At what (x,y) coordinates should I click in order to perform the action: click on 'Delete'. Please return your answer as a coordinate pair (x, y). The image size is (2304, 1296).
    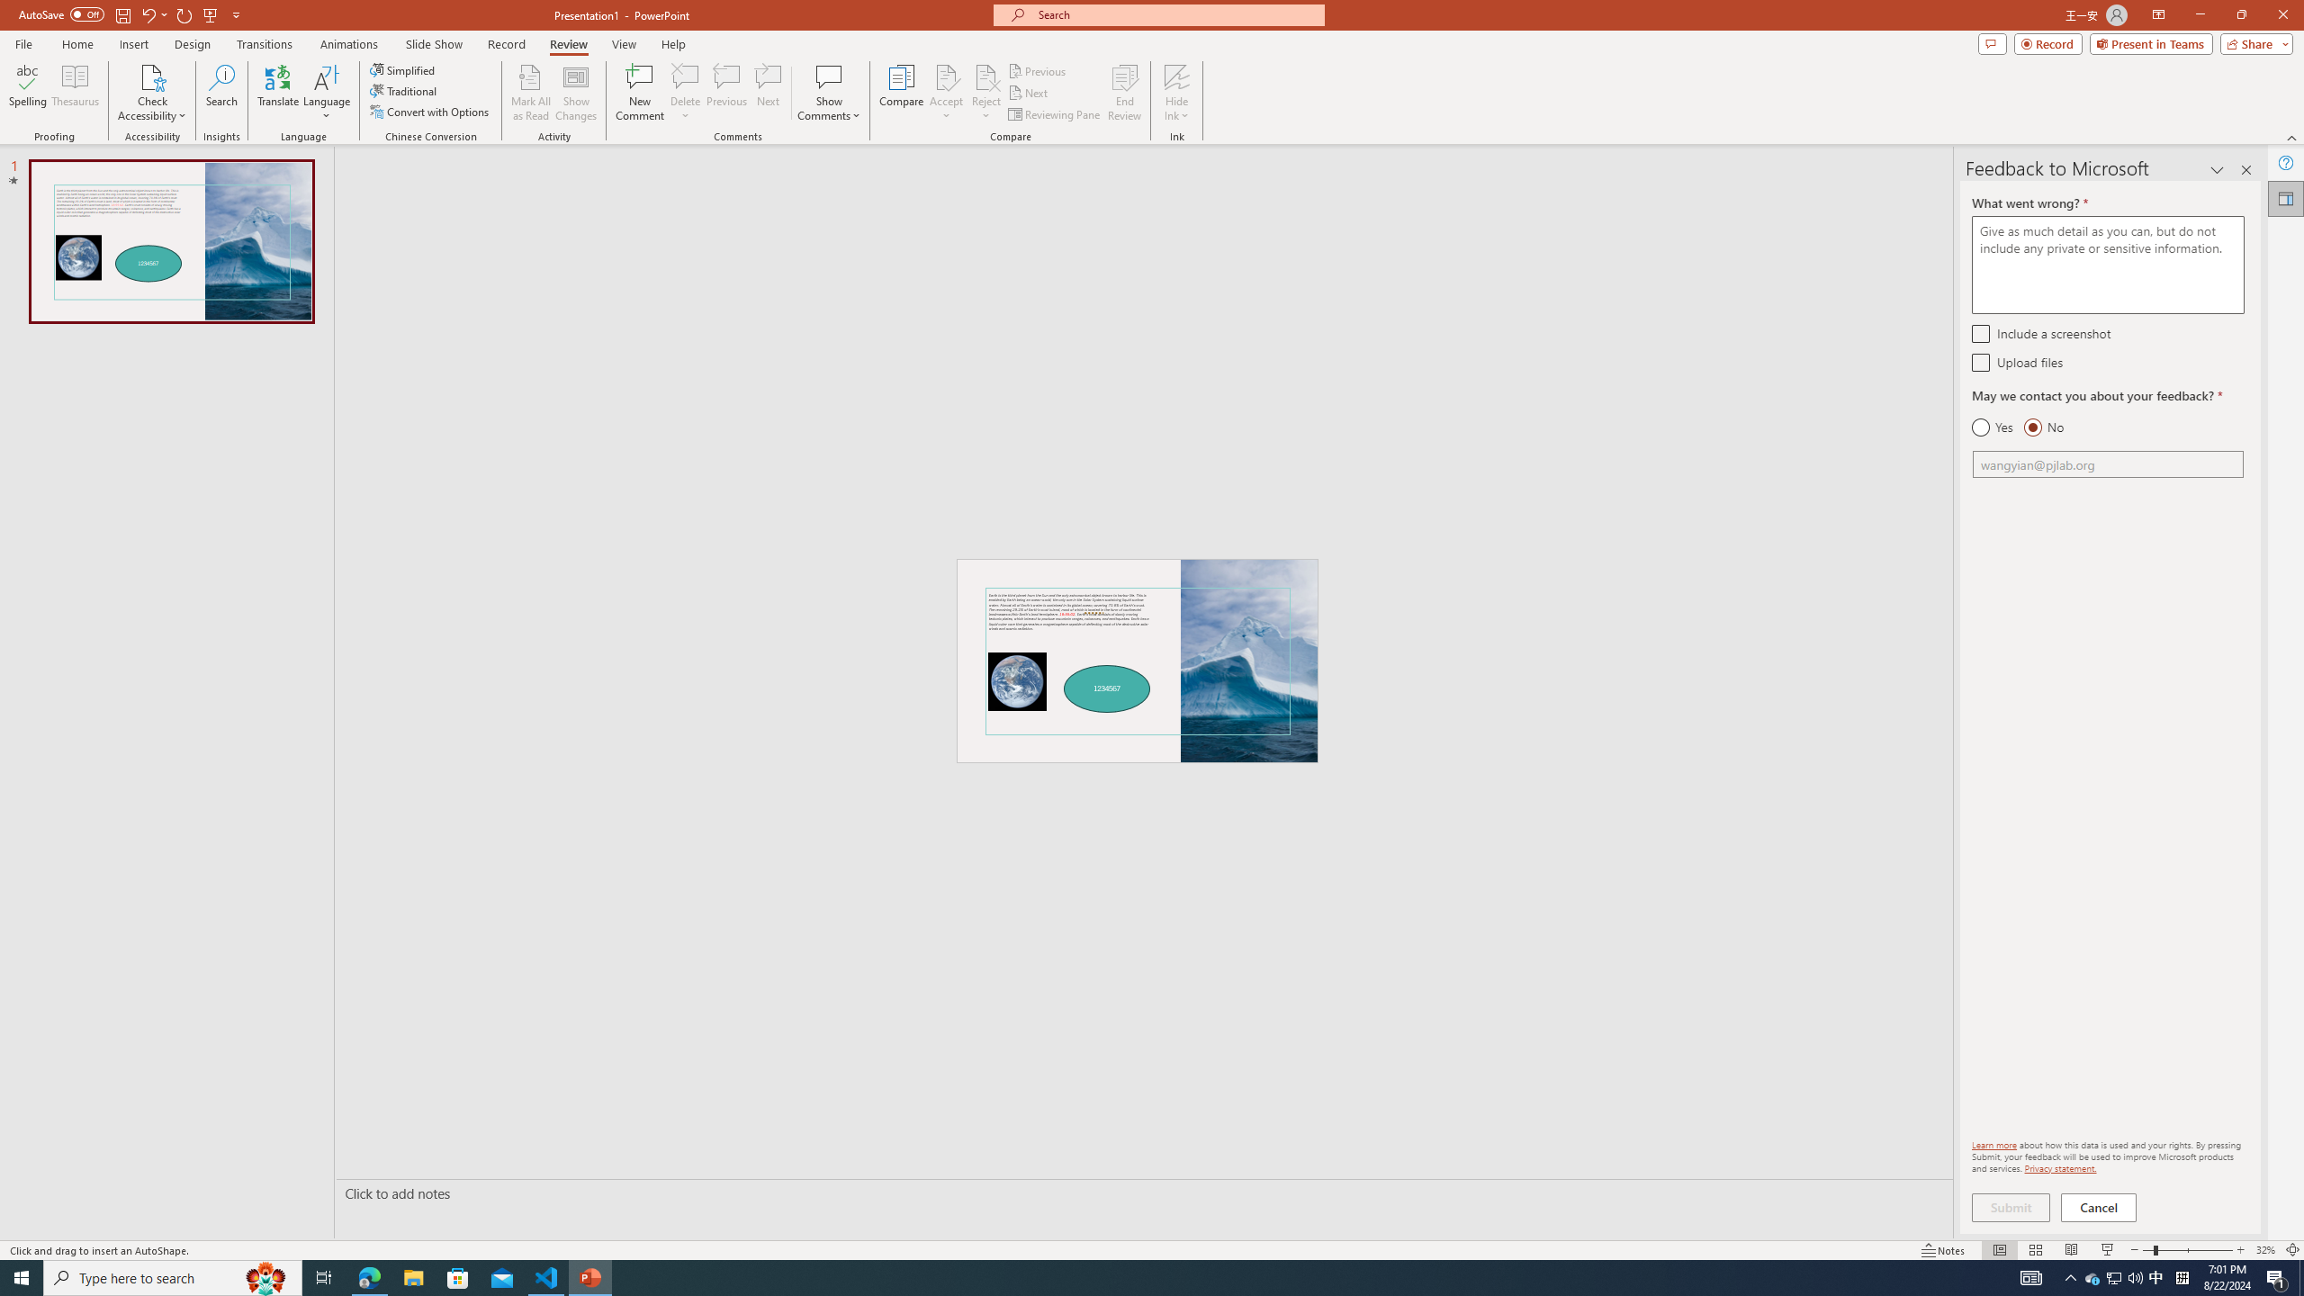
    Looking at the image, I should click on (685, 76).